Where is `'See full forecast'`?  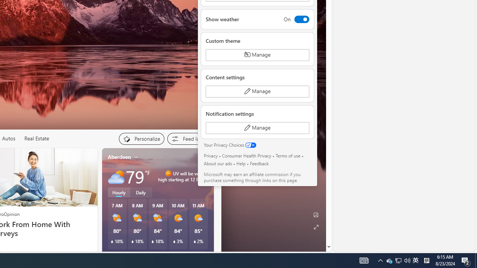 'See full forecast' is located at coordinates (187, 255).